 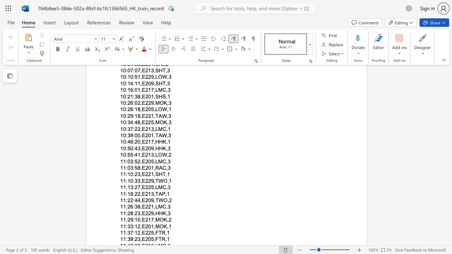 I want to click on the space between the continuous character "1" and "1" in the text, so click(x=123, y=206).